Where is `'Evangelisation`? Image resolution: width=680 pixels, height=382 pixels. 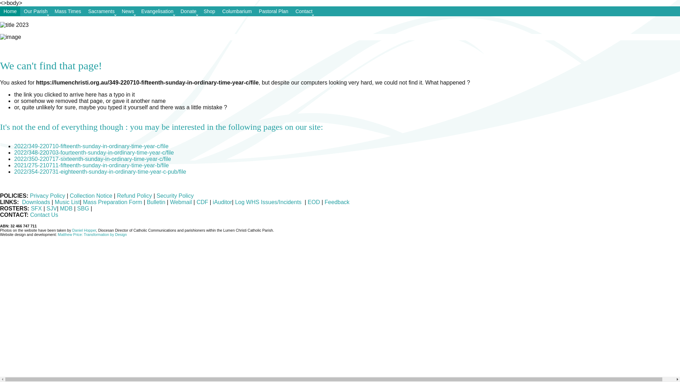 'Evangelisation is located at coordinates (157, 11).